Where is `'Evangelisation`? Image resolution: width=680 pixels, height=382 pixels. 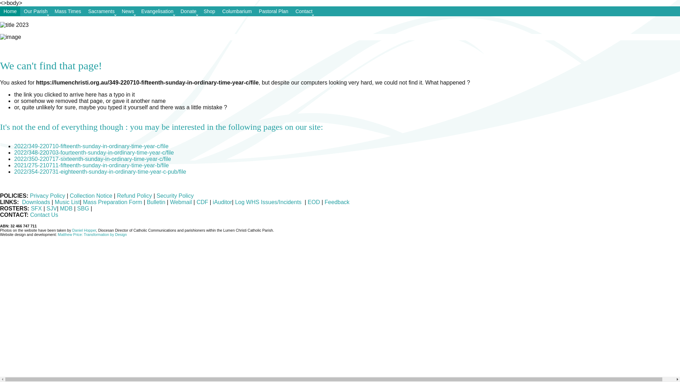 'Evangelisation is located at coordinates (157, 11).